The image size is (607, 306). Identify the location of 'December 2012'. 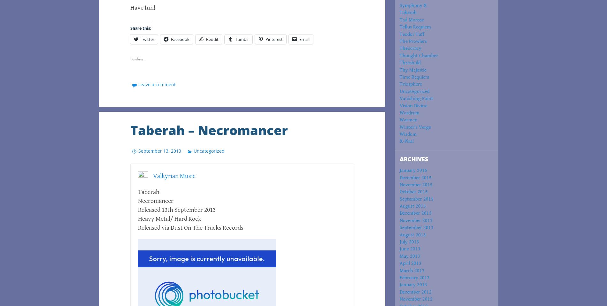
(415, 292).